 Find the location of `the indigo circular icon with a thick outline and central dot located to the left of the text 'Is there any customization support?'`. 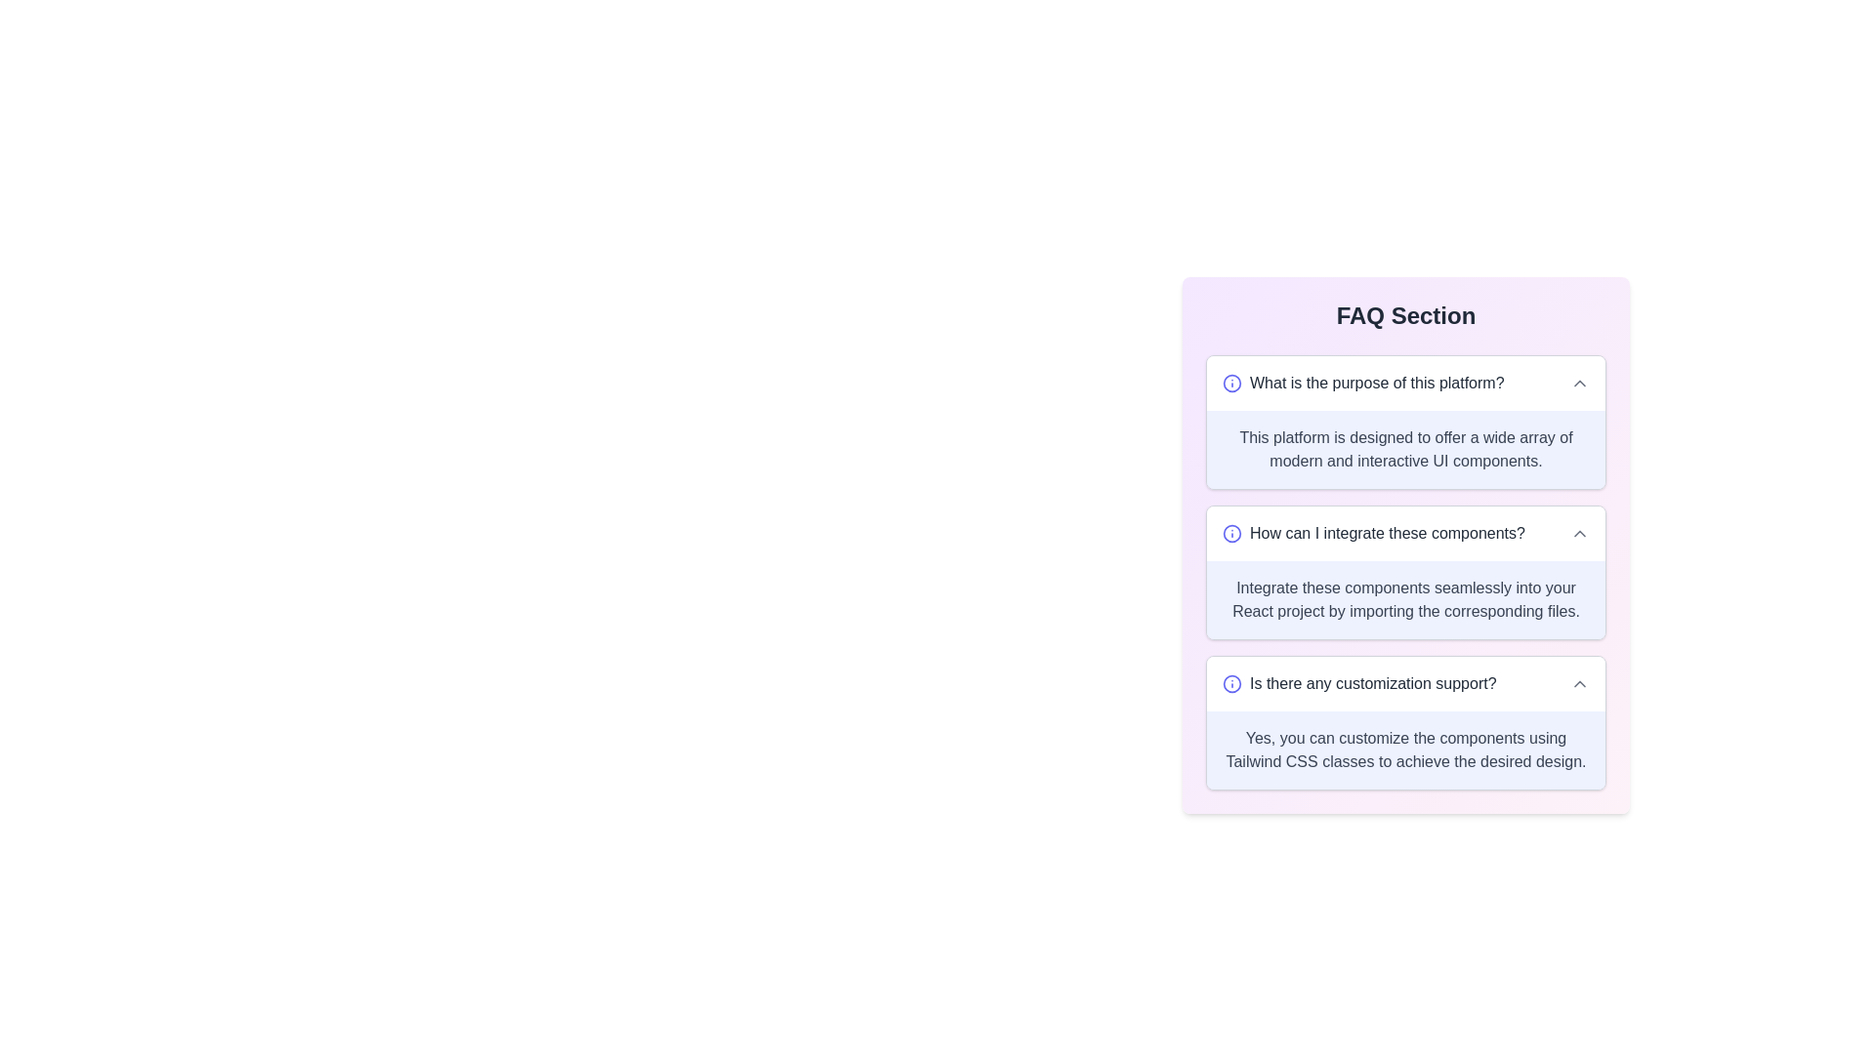

the indigo circular icon with a thick outline and central dot located to the left of the text 'Is there any customization support?' is located at coordinates (1231, 683).